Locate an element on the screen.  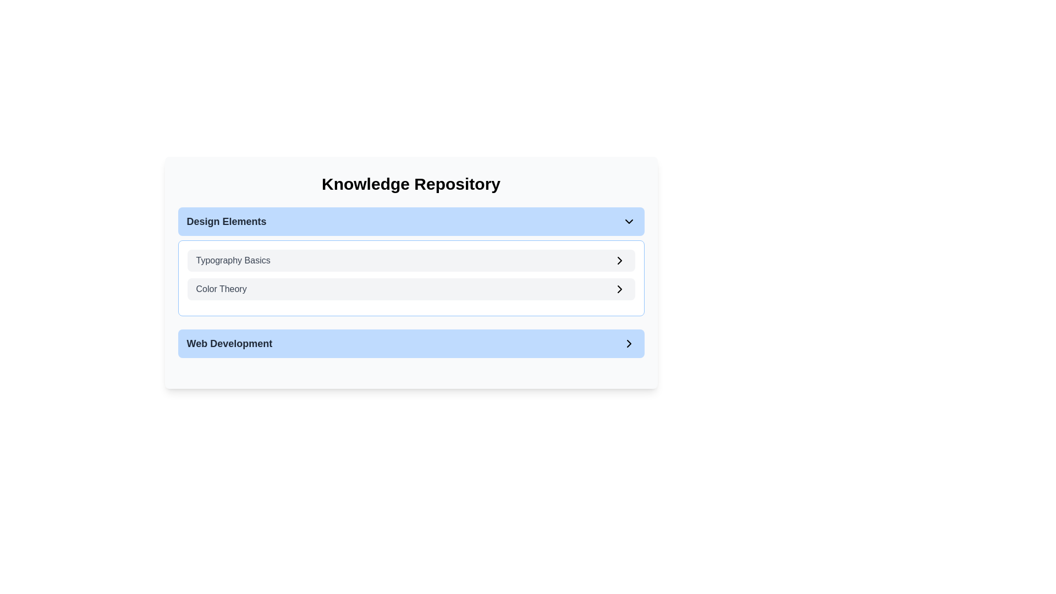
the second text label under the 'Design Elements' section in the 'Knowledge Repository' is located at coordinates (221, 288).